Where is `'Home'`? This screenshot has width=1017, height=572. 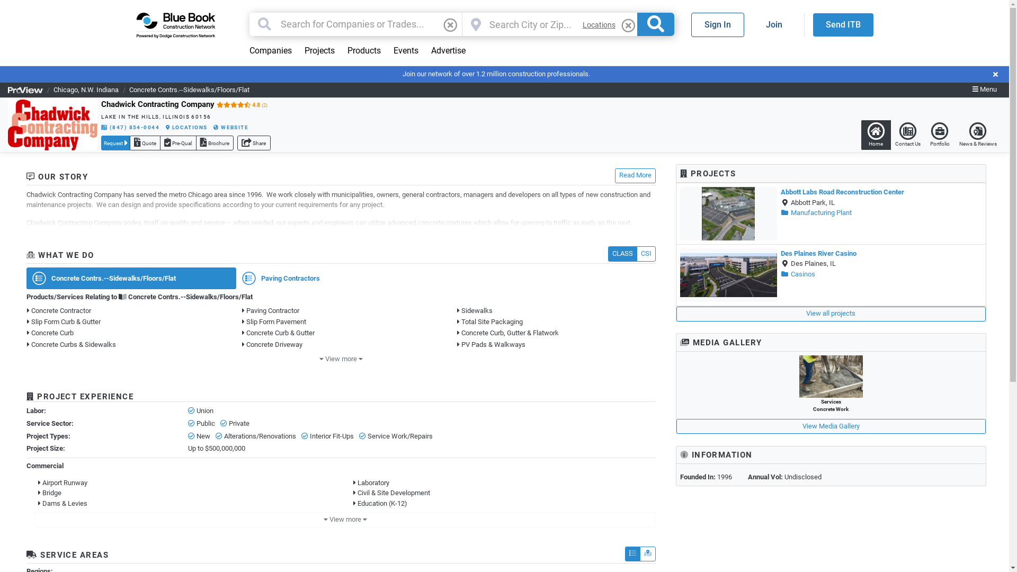 'Home' is located at coordinates (861, 134).